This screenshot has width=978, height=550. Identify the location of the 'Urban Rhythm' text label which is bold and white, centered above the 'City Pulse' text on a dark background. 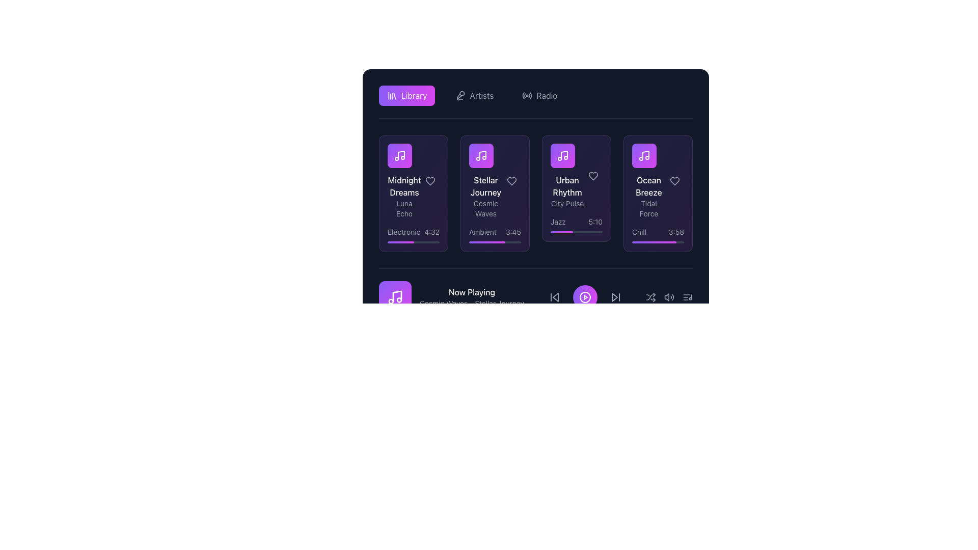
(566, 186).